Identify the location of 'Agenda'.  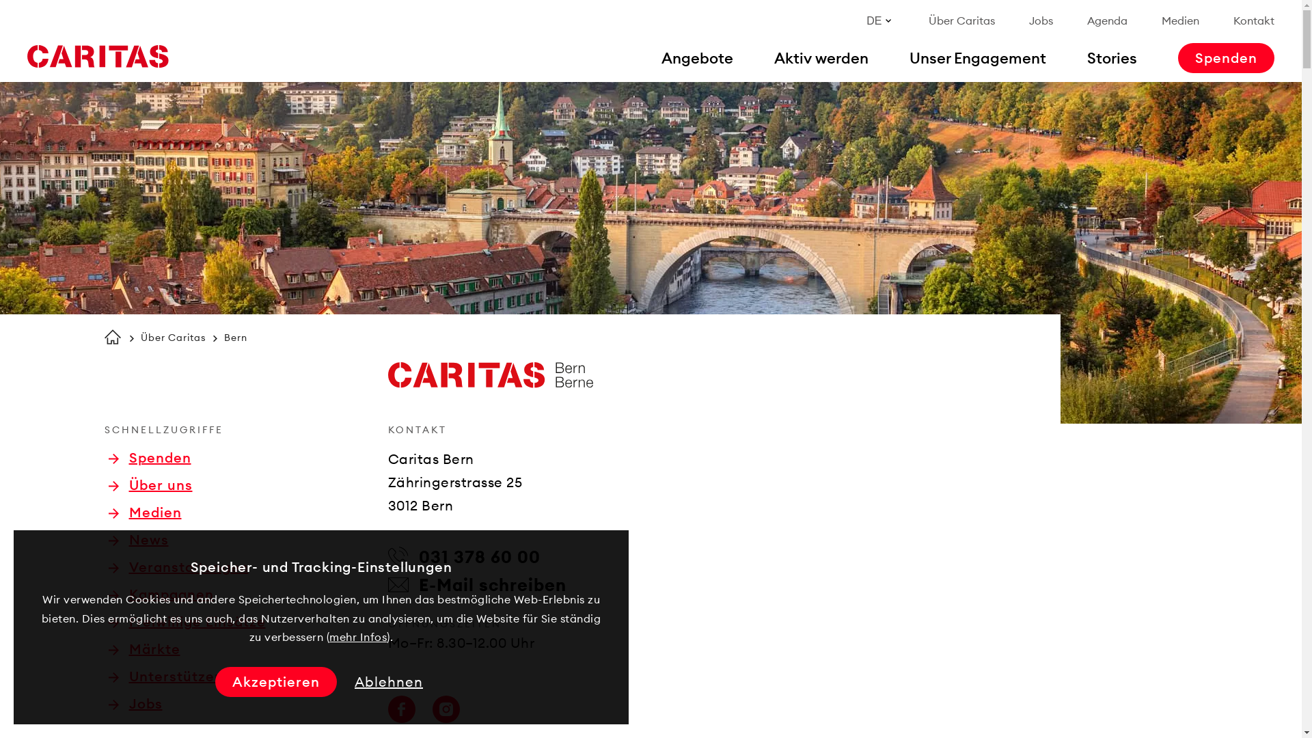
(1107, 20).